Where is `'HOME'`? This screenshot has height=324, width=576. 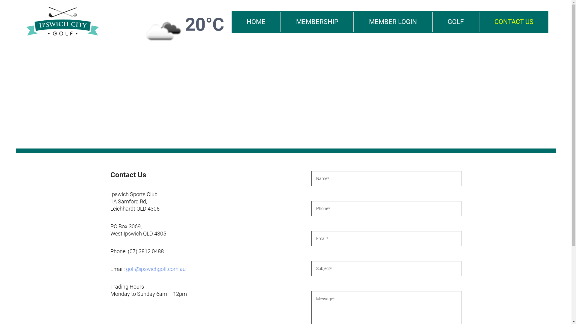 'HOME' is located at coordinates (256, 21).